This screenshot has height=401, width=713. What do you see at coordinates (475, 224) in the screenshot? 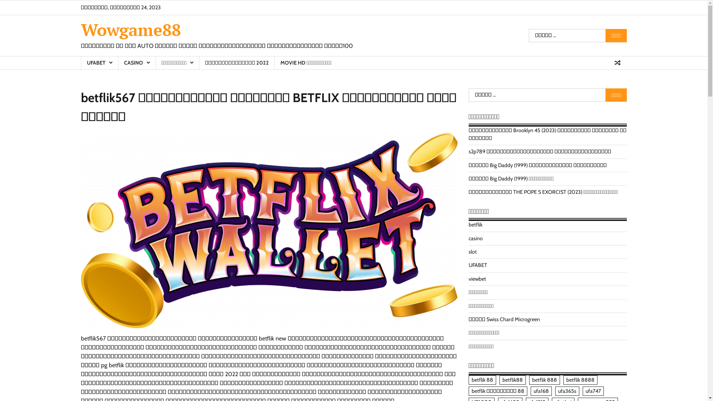
I see `'betflik'` at bounding box center [475, 224].